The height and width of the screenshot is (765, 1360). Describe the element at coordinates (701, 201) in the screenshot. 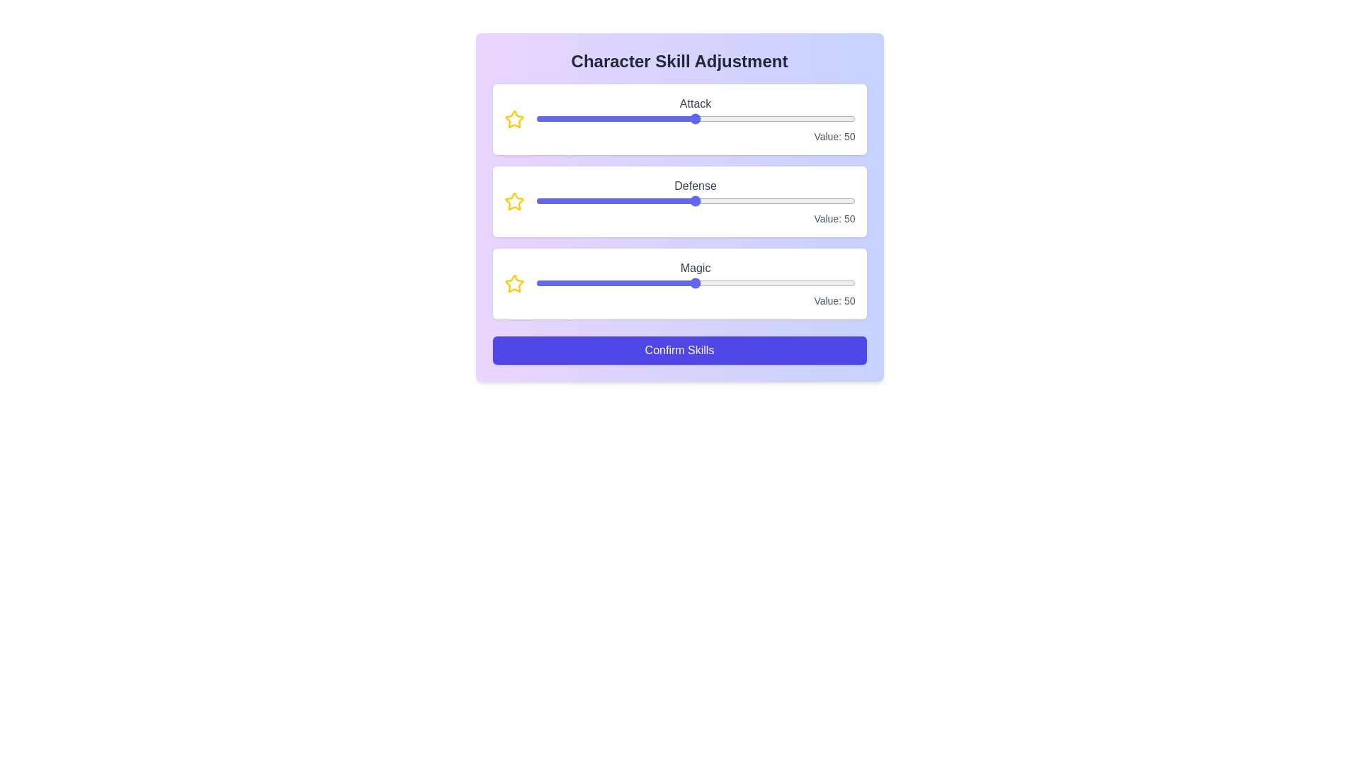

I see `the 1 slider to 4` at that location.